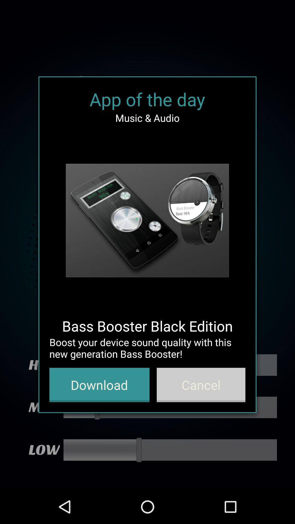  Describe the element at coordinates (99, 385) in the screenshot. I see `the item next to the cancel item` at that location.